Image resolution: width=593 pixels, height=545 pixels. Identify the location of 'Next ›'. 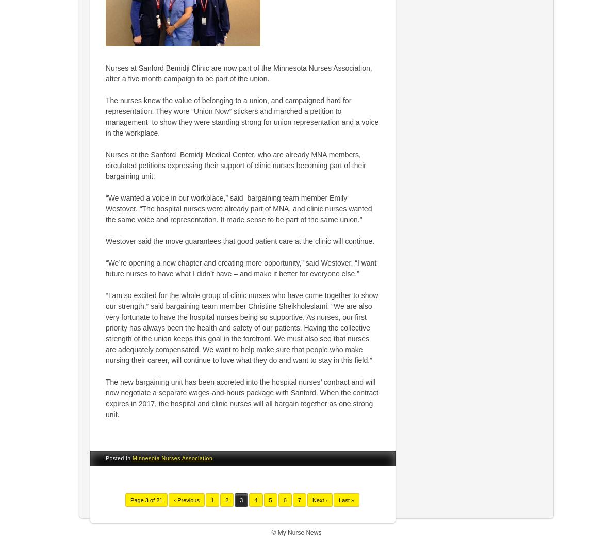
(319, 500).